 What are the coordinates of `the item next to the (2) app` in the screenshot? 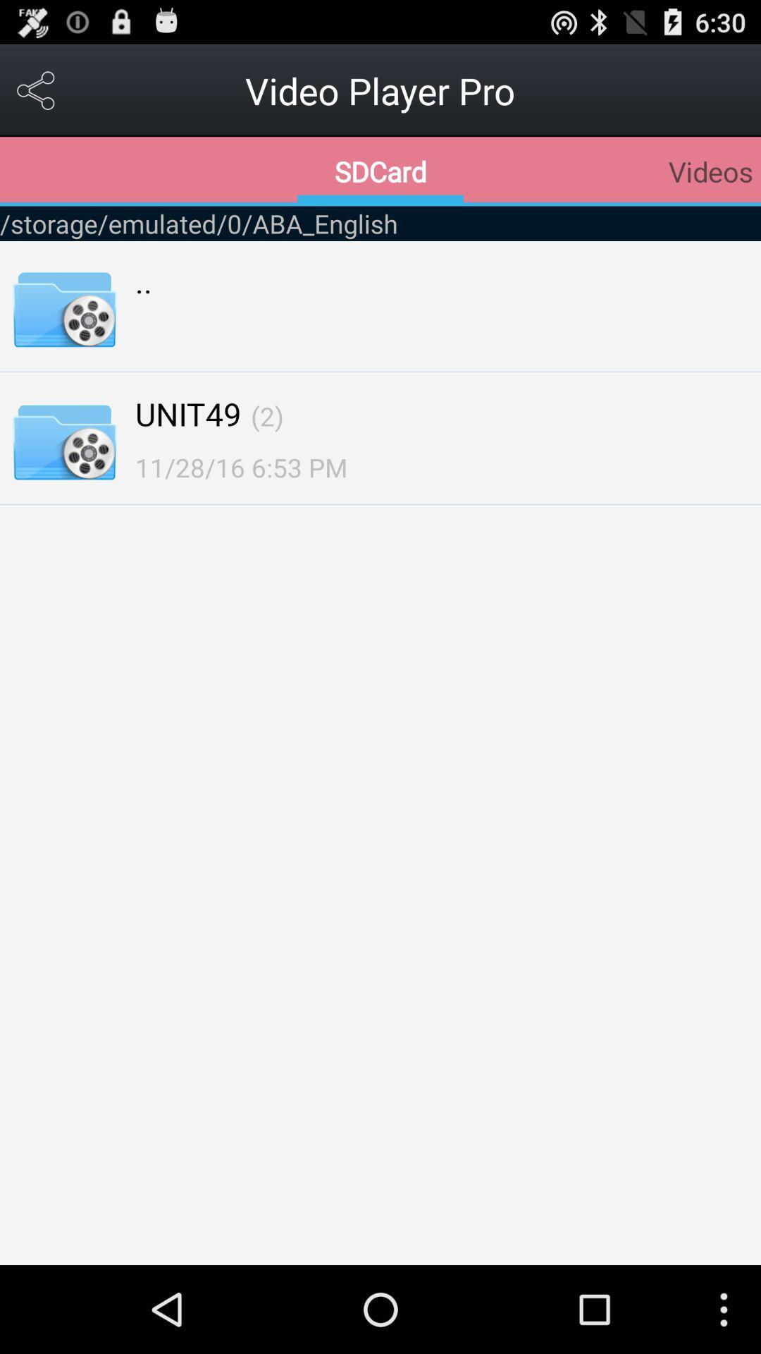 It's located at (187, 413).